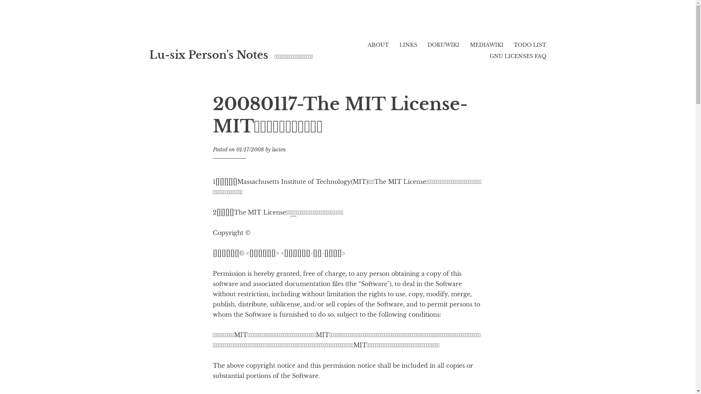  What do you see at coordinates (208, 54) in the screenshot?
I see `'Lu-six Person's Notes'` at bounding box center [208, 54].